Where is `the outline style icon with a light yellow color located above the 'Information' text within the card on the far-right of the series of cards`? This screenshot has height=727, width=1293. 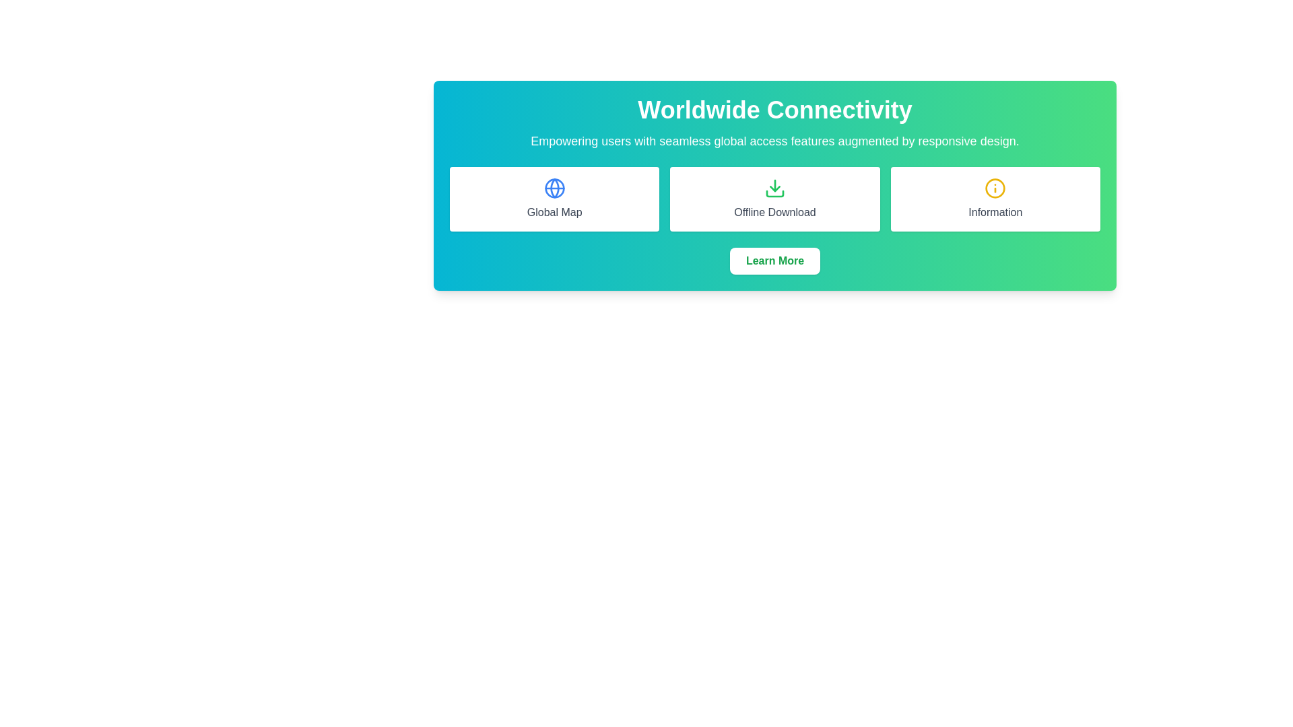 the outline style icon with a light yellow color located above the 'Information' text within the card on the far-right of the series of cards is located at coordinates (995, 188).